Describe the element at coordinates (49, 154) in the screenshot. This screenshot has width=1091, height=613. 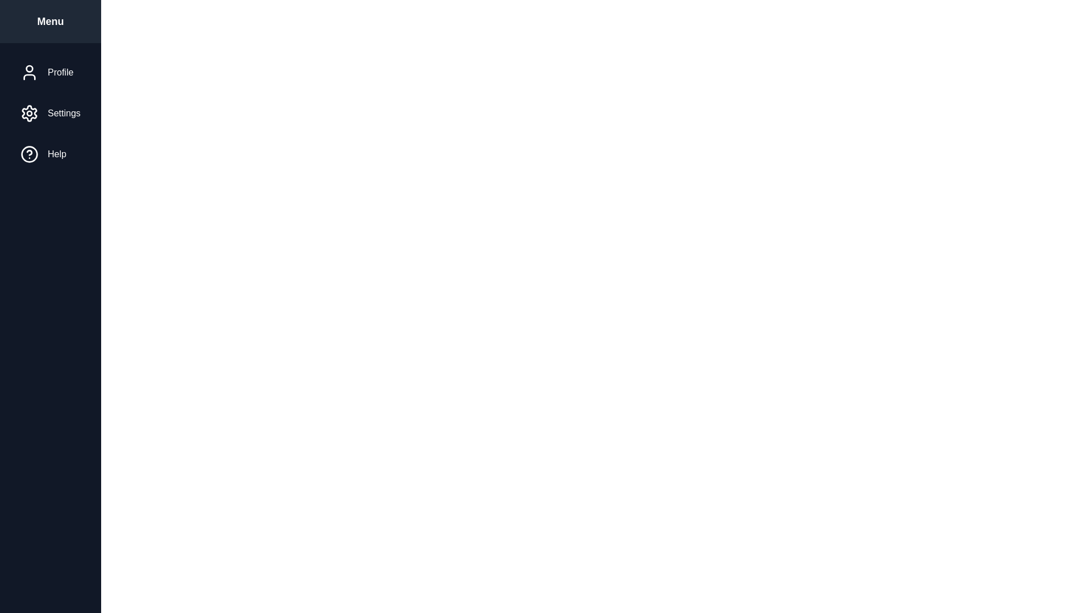
I see `the menu option Help to highlight it` at that location.